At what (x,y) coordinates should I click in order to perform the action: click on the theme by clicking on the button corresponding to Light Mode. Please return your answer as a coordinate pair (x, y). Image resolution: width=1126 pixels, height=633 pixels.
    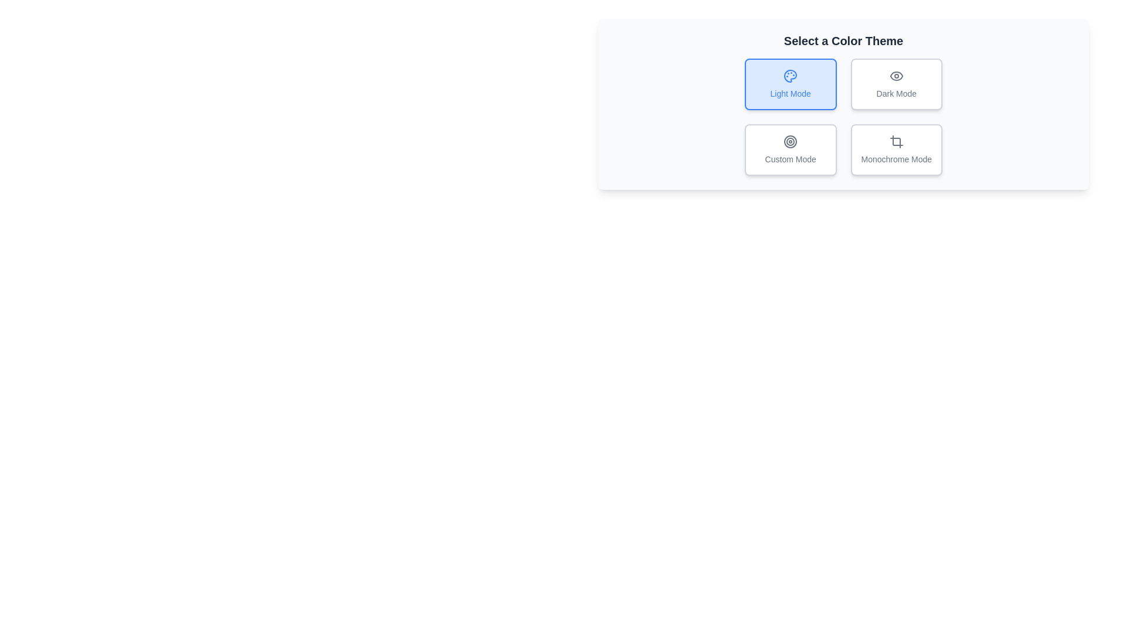
    Looking at the image, I should click on (791, 83).